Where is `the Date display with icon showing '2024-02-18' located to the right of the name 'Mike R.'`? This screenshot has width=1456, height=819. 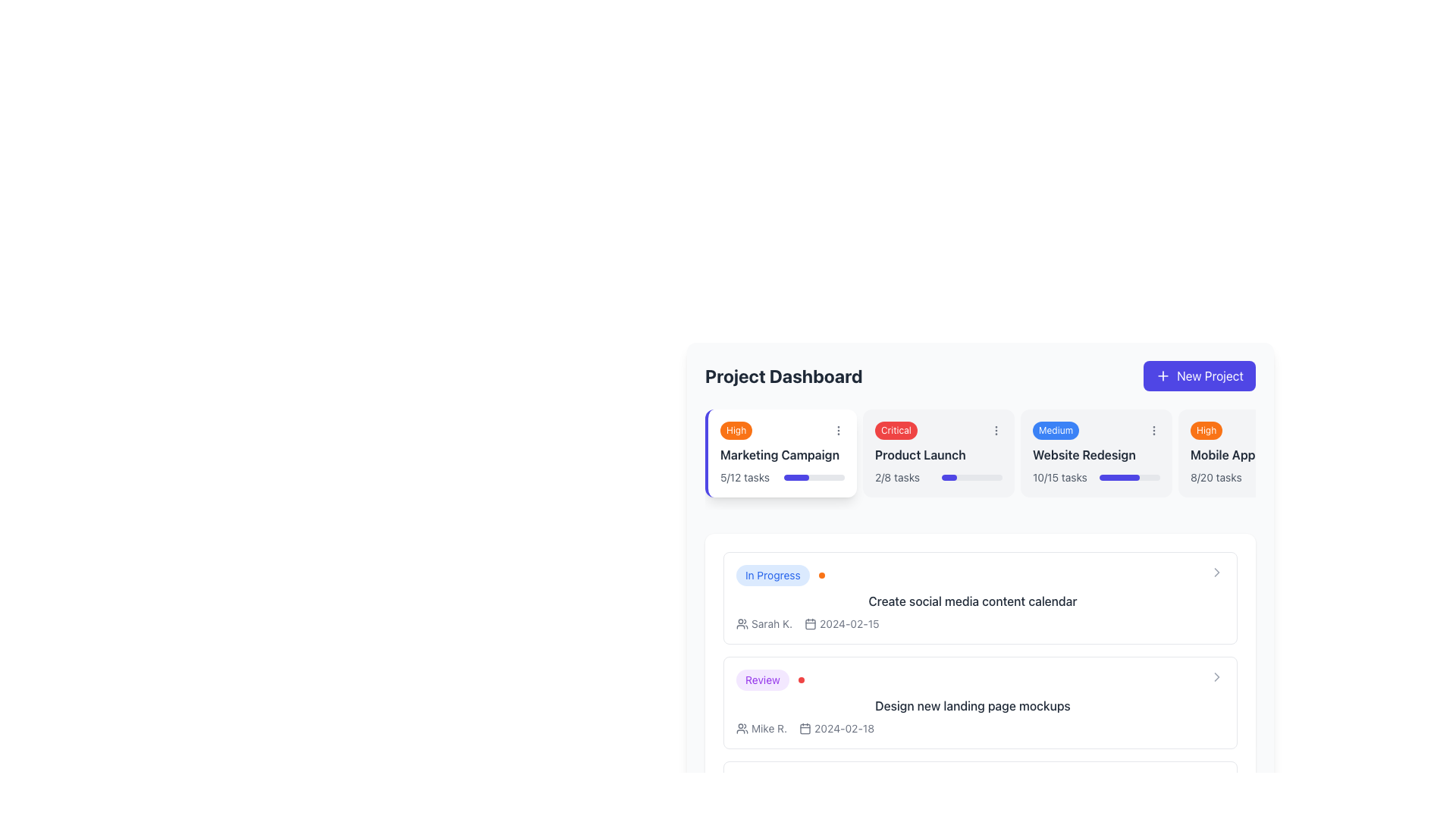
the Date display with icon showing '2024-02-18' located to the right of the name 'Mike R.' is located at coordinates (836, 727).